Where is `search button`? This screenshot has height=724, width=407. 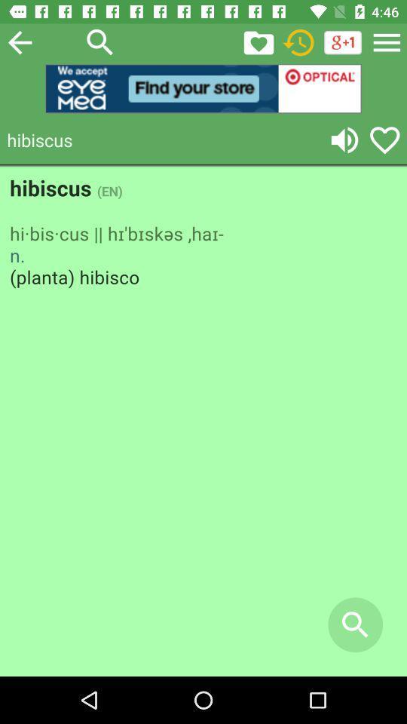 search button is located at coordinates (100, 41).